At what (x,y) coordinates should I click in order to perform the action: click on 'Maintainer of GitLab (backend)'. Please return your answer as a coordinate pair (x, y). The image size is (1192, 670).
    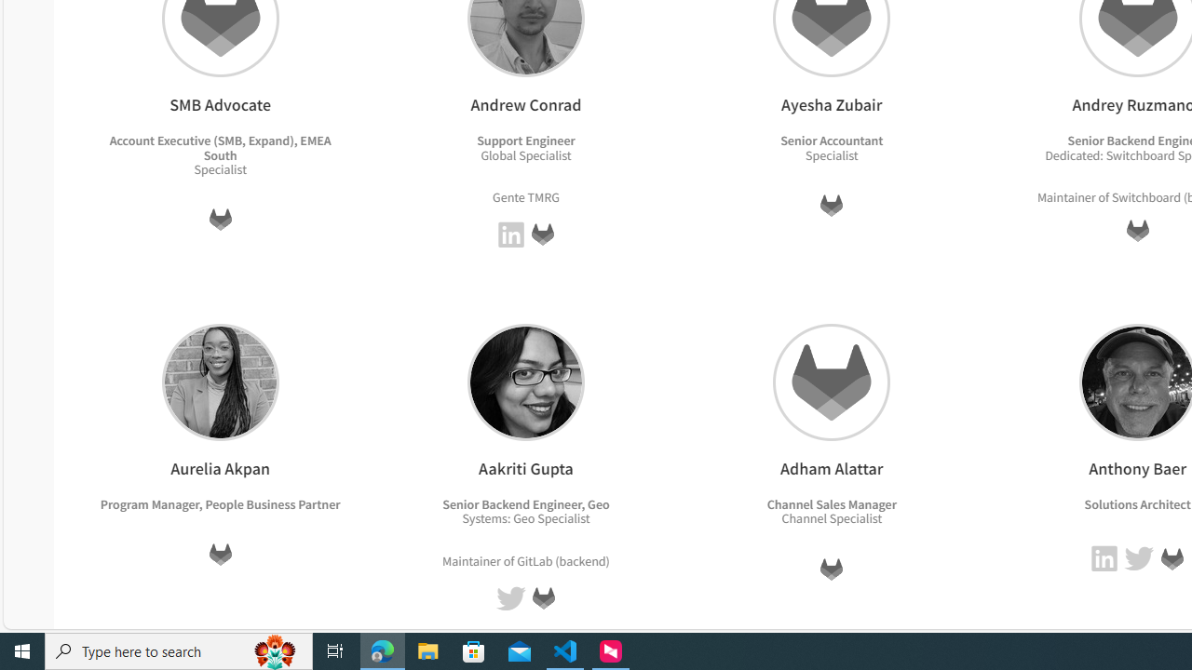
    Looking at the image, I should click on (525, 559).